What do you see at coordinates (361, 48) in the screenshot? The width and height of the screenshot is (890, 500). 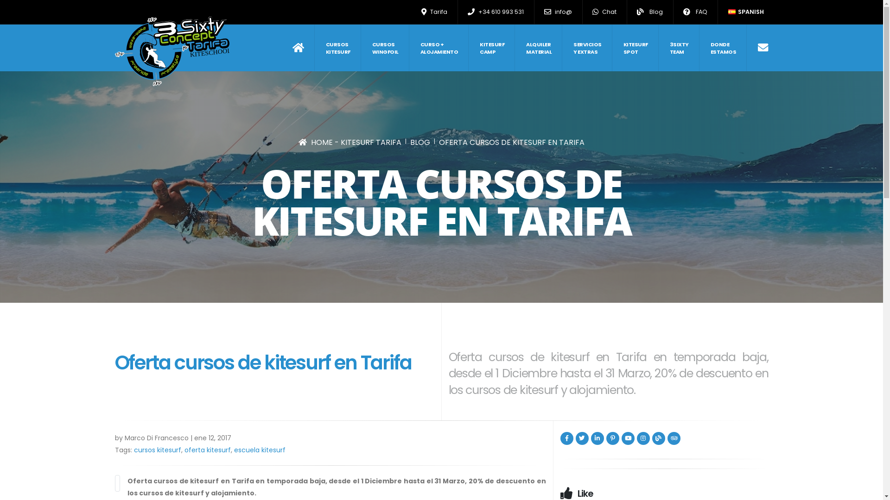 I see `'CURSOS WINGFOIL'` at bounding box center [361, 48].